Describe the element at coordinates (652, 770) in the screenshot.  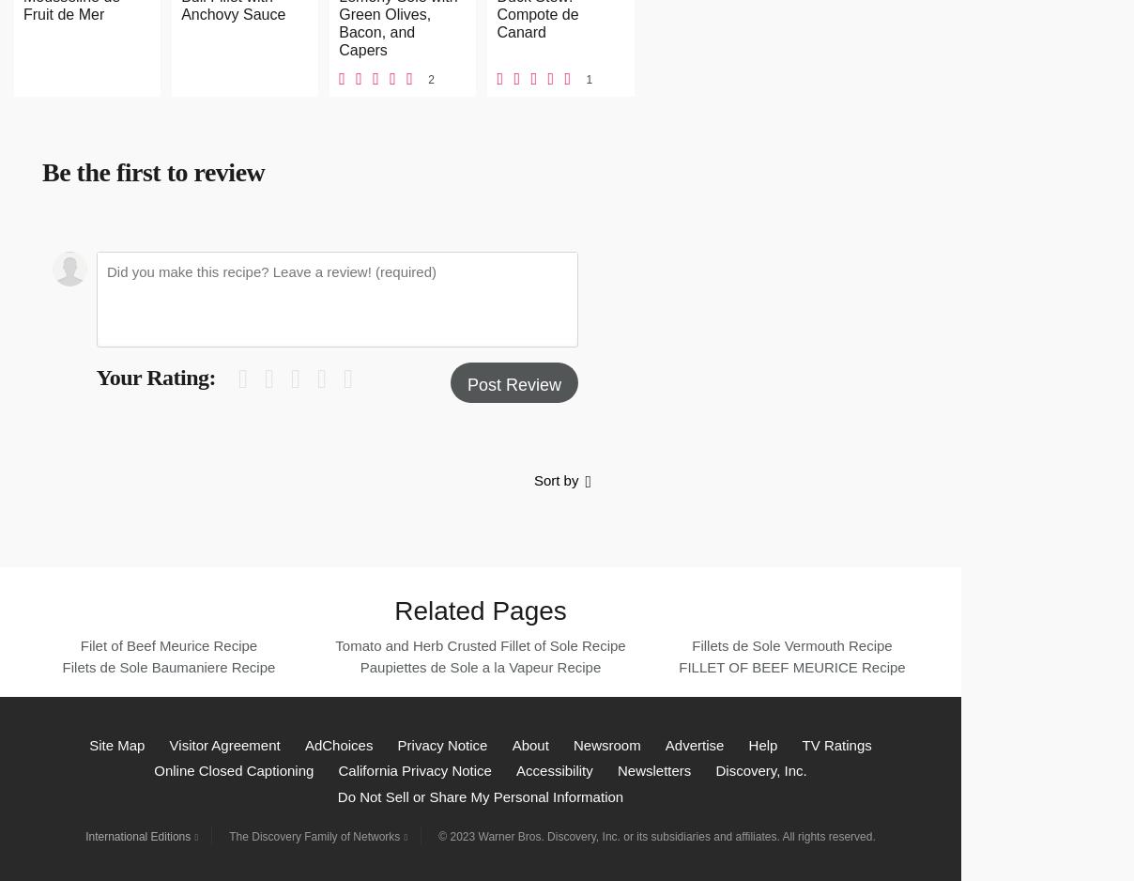
I see `'Newsletters'` at that location.